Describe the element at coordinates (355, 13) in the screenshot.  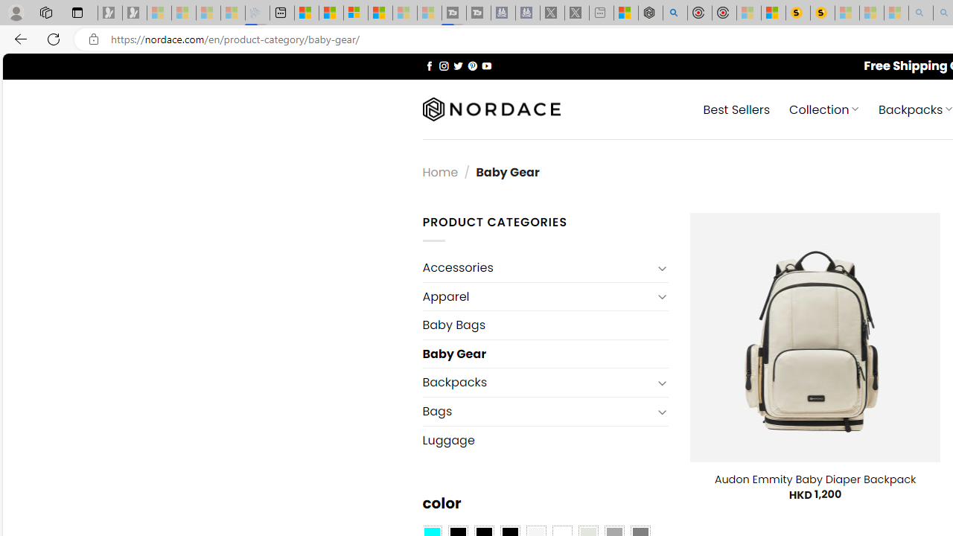
I see `'Overview'` at that location.